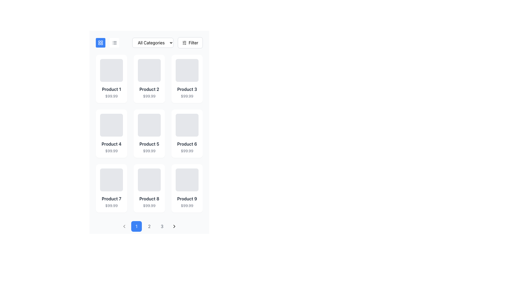 Image resolution: width=511 pixels, height=287 pixels. Describe the element at coordinates (153, 43) in the screenshot. I see `the category selector dropdown menu located centrally at the top of the page, which reveals a list of options for filtering items` at that location.